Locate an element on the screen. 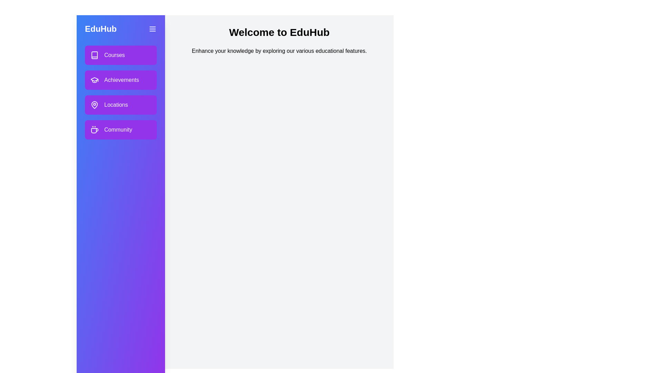 This screenshot has width=663, height=373. the section Achievements in the drawer is located at coordinates (121, 79).